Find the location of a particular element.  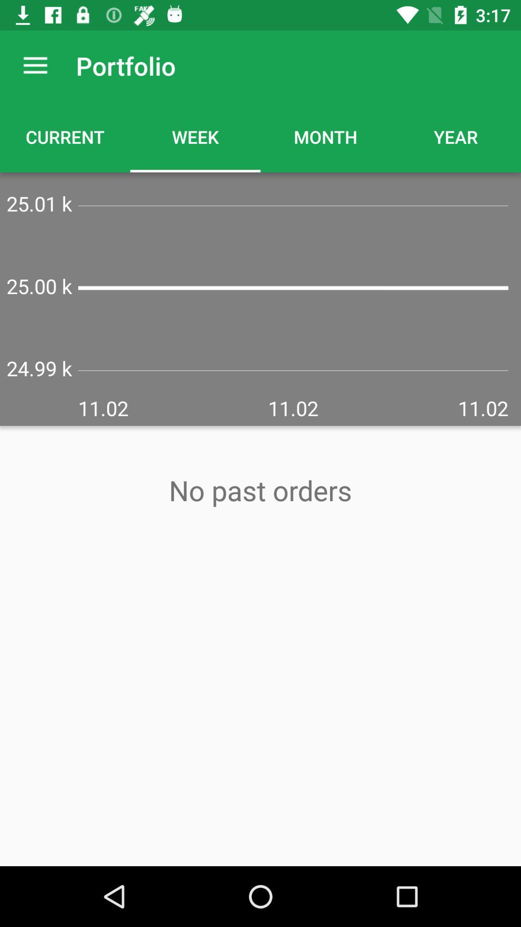

the item to the left of portfolio is located at coordinates (35, 65).